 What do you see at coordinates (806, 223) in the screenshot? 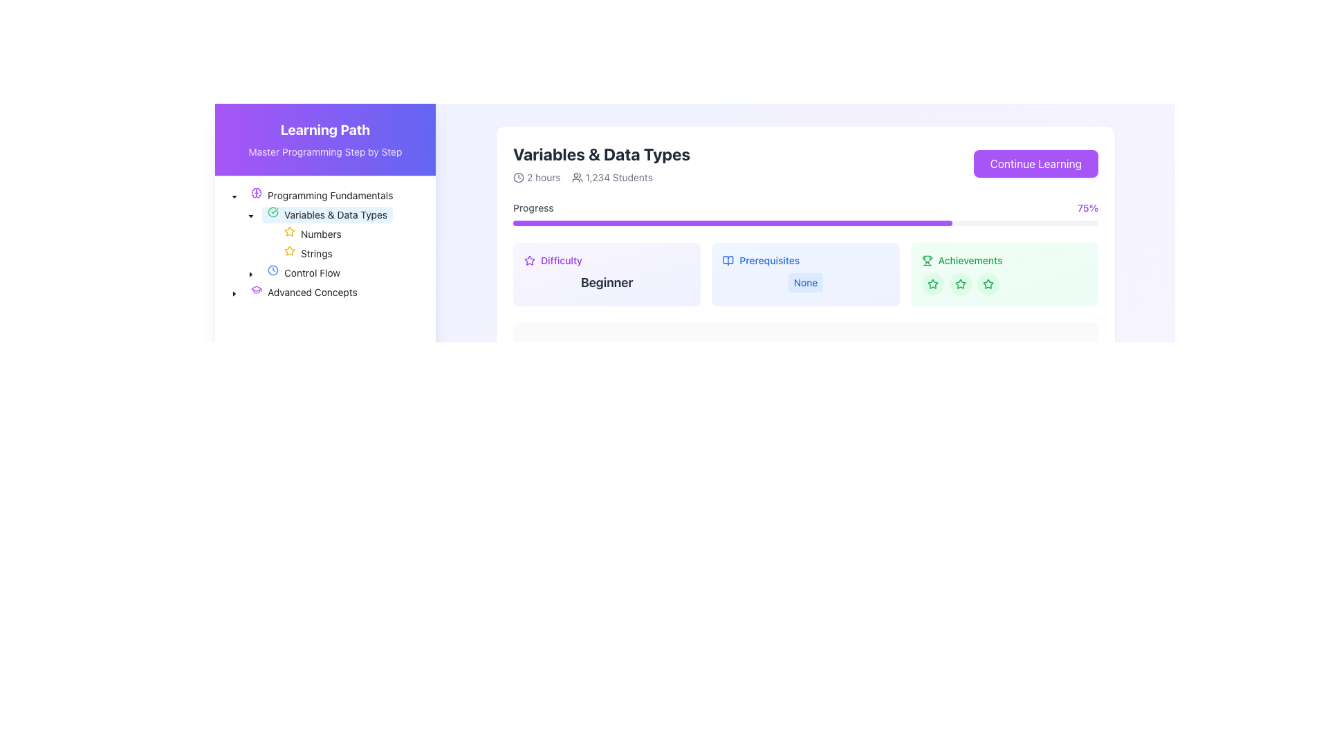
I see `the slim rectangular progress bar that is light gray with a purple foreground, located beneath the 'Progress' label and above metrics like 'Difficulty' and 'Achievements'` at bounding box center [806, 223].